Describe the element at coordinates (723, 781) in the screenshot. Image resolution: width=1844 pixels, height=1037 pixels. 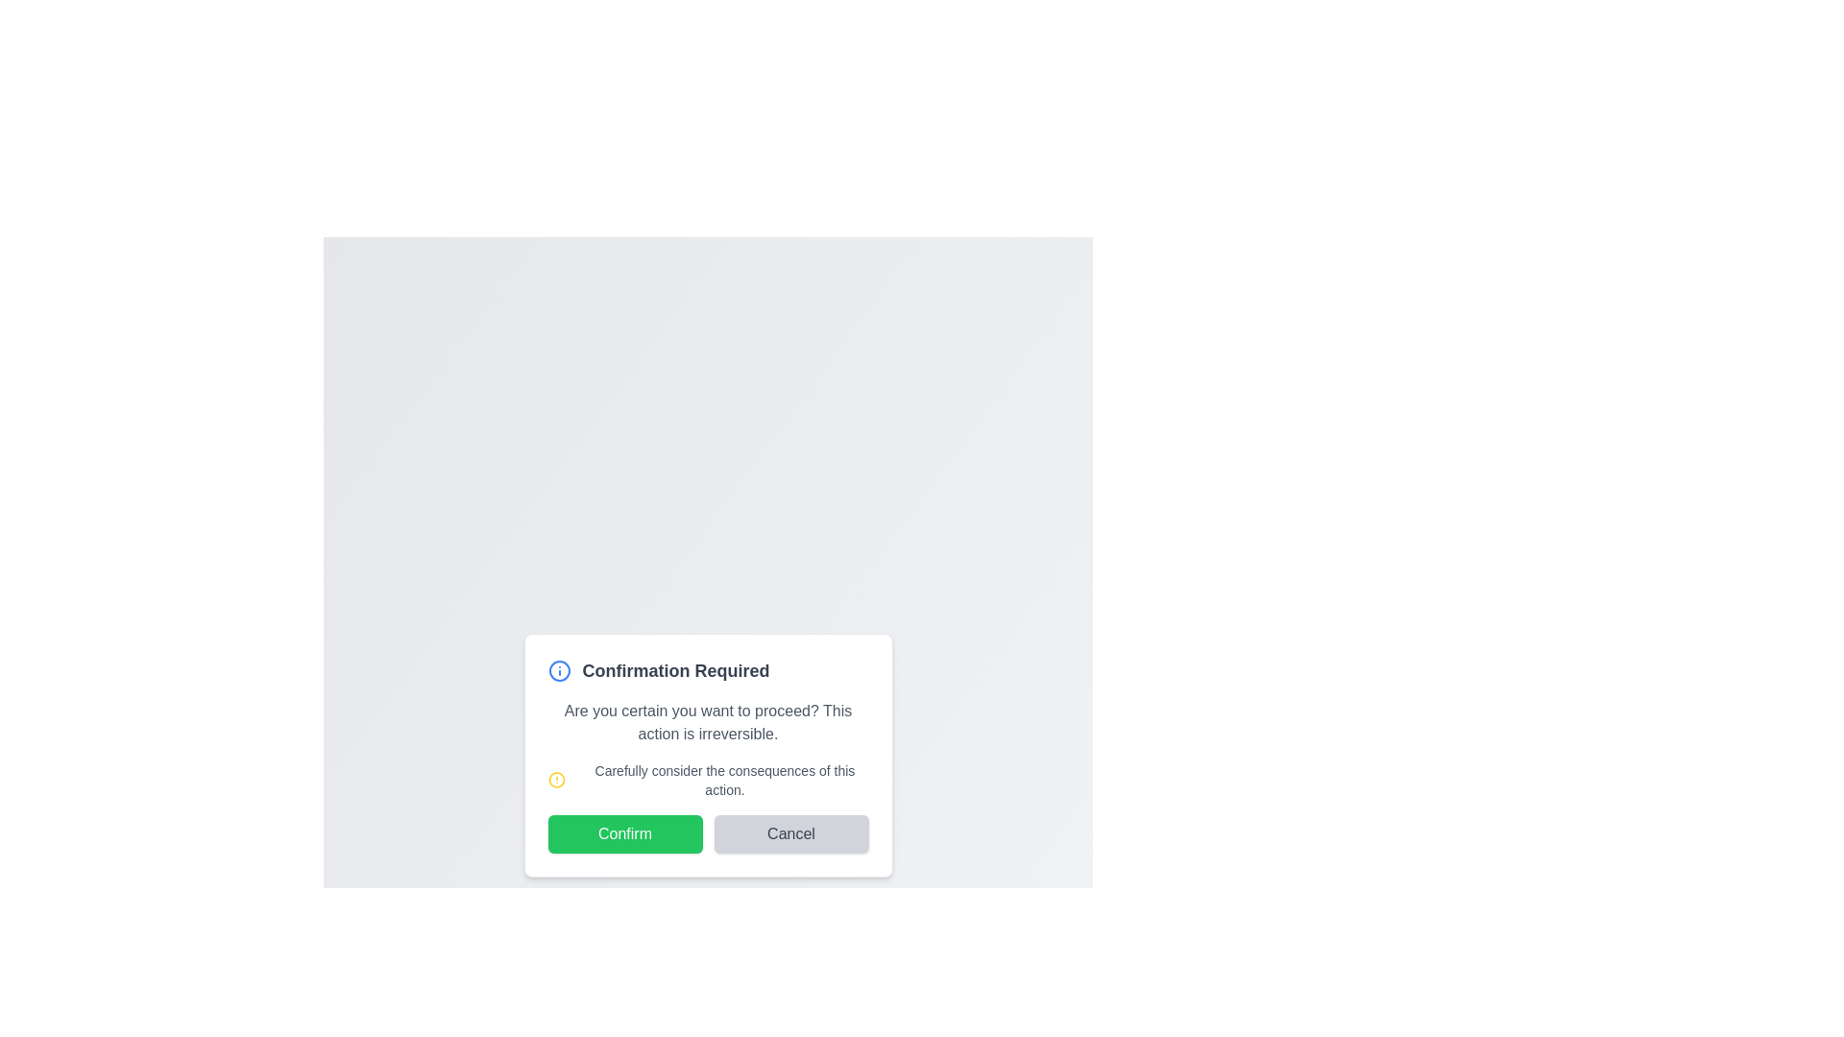
I see `the text element displaying the message 'Carefully consider the consequences of this action.' which is located below the title 'Confirmation Required' and next to an alert icon` at that location.